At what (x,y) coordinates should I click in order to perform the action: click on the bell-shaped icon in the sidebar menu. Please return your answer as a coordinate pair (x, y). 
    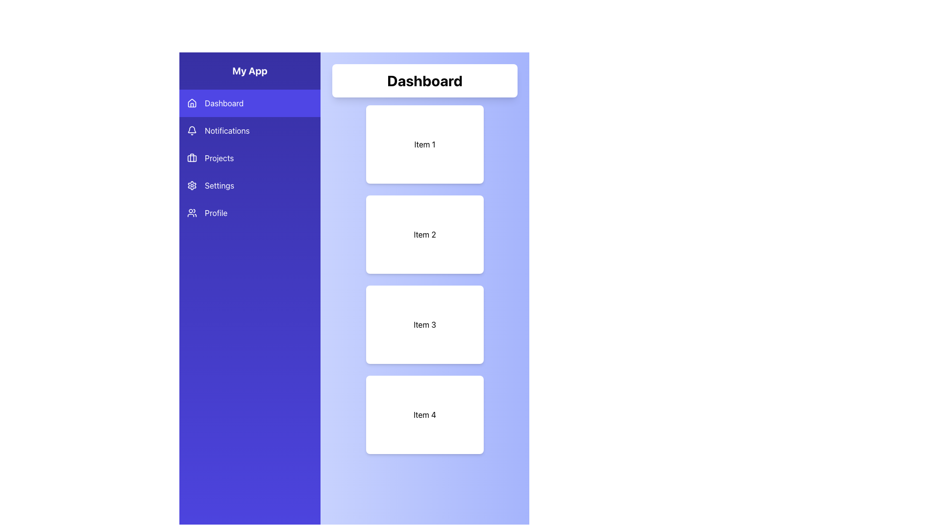
    Looking at the image, I should click on (192, 130).